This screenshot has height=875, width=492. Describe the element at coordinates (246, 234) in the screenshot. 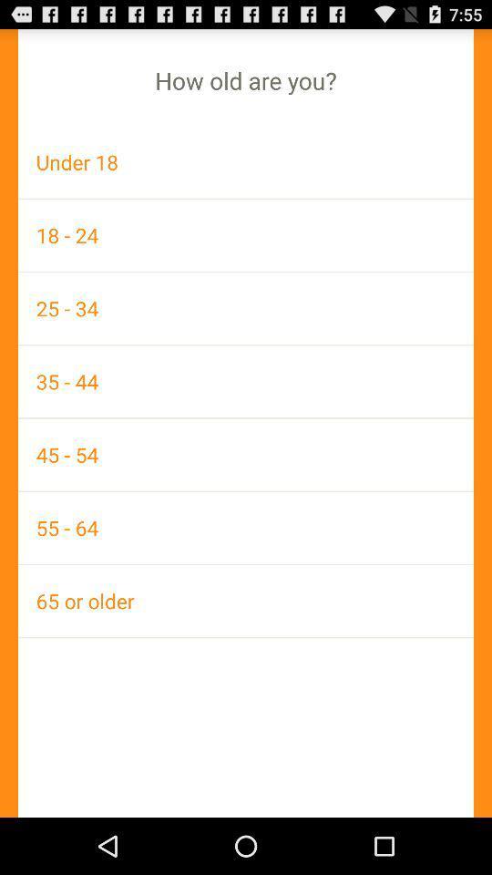

I see `the icon above 25 - 34 item` at that location.